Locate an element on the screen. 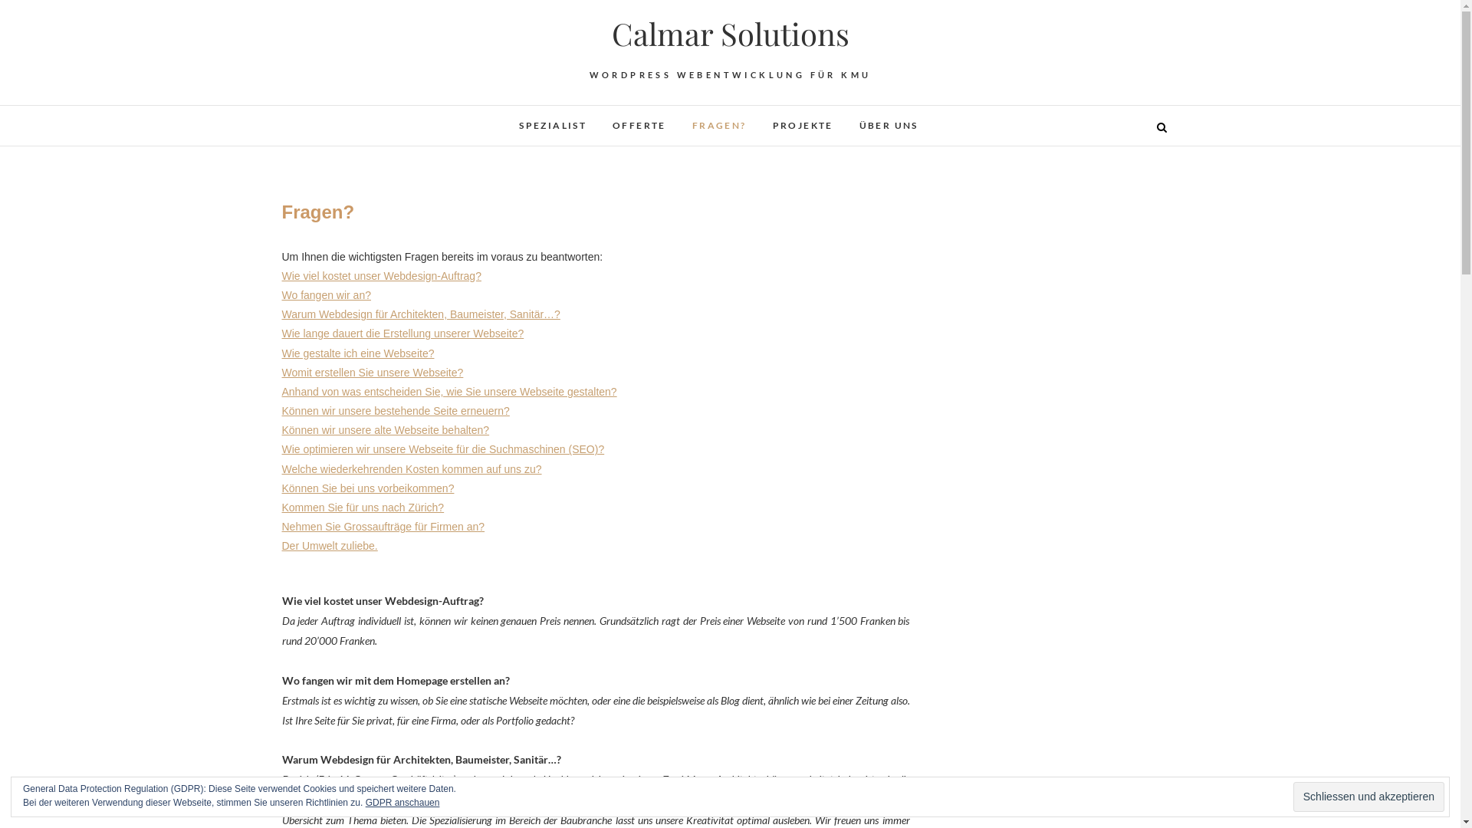 The height and width of the screenshot is (828, 1472). 'Womit erstellen Sie unsere Webseite?' is located at coordinates (373, 373).